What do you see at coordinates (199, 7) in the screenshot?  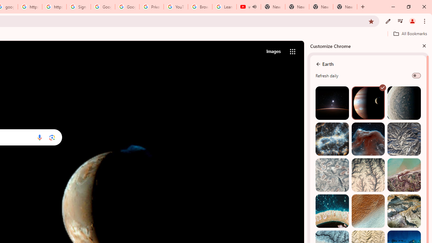 I see `'Browse Chrome as a guest - Computer - Google Chrome Help'` at bounding box center [199, 7].